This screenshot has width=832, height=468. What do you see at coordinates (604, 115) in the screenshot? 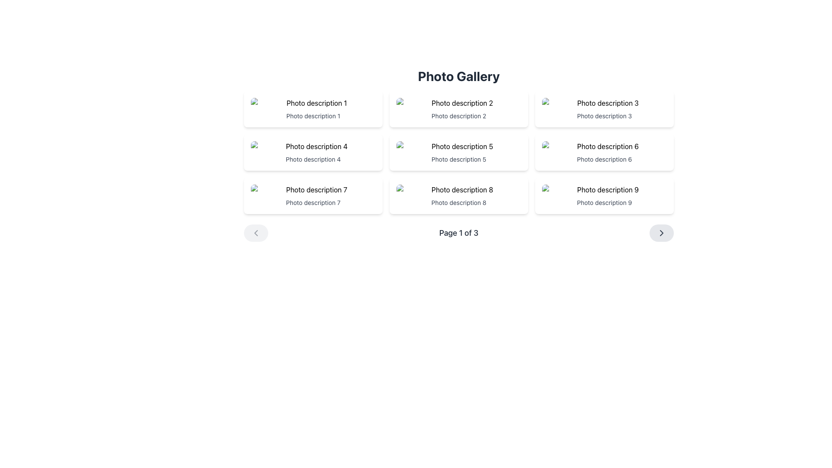
I see `the text label that describes 'Photo description 3', located below the image thumbnail in the third photo card from the left` at bounding box center [604, 115].